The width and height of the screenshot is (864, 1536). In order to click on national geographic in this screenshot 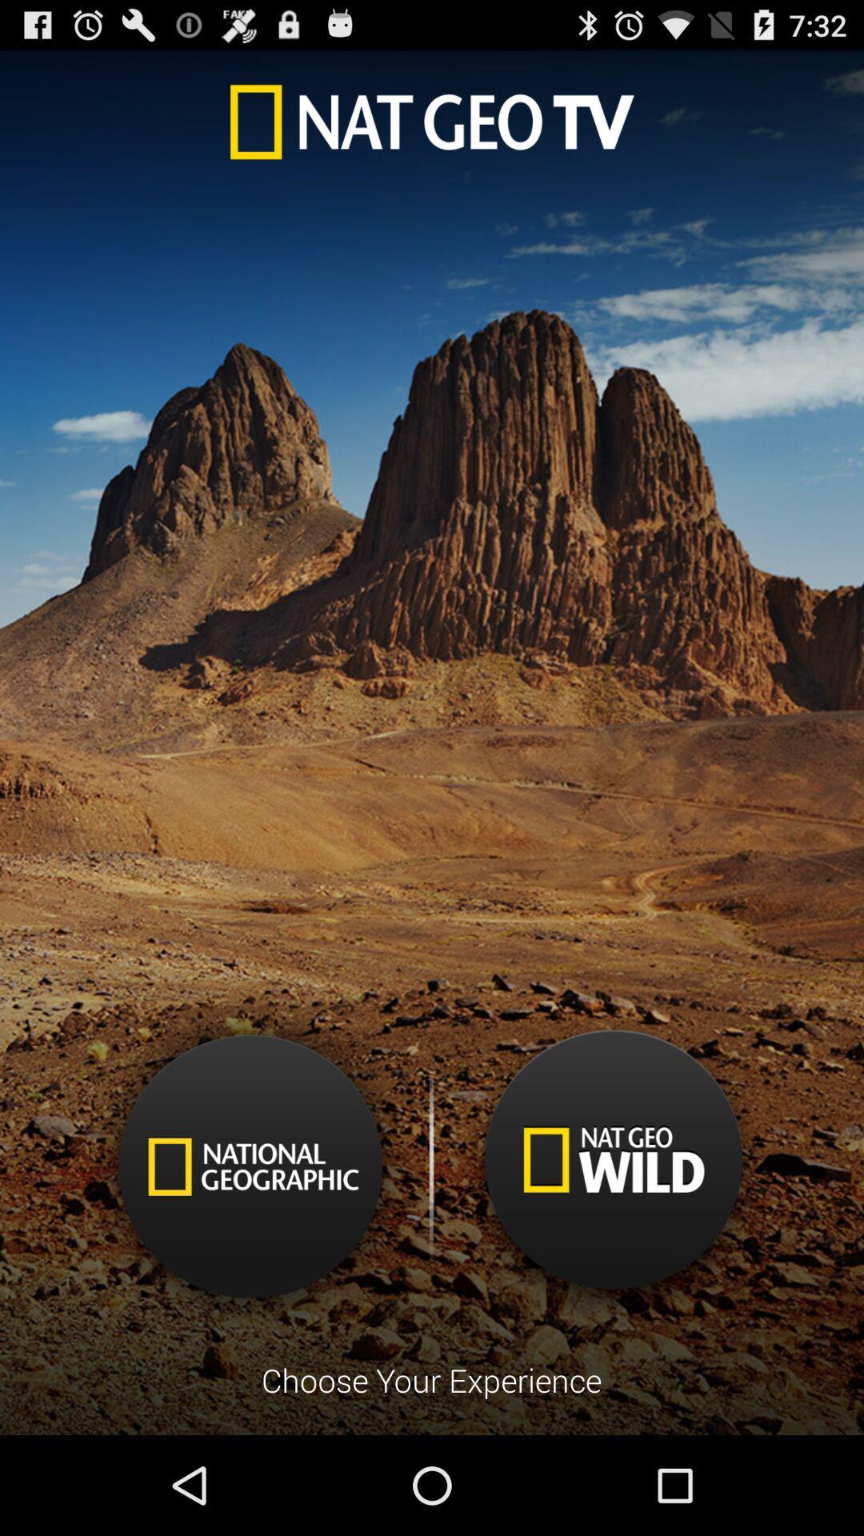, I will do `click(250, 1166)`.